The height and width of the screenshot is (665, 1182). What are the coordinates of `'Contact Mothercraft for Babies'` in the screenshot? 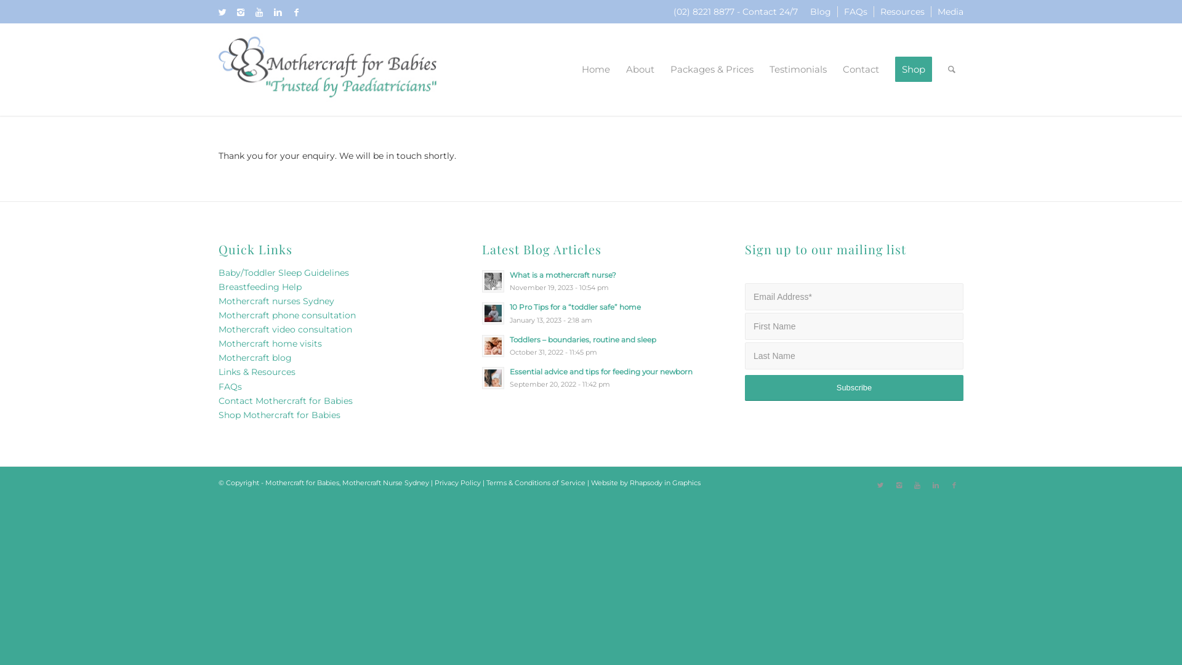 It's located at (285, 401).